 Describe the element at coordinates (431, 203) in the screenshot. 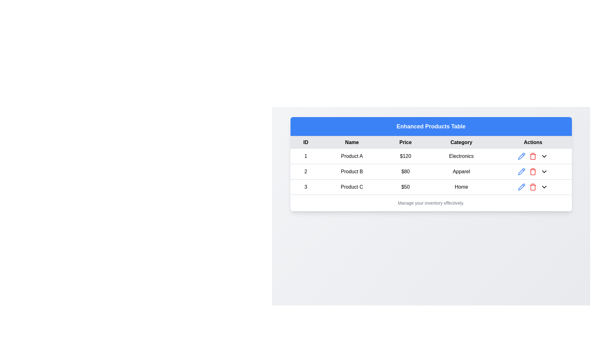

I see `the informational text label that emphasizes the purpose of managing inventory effectively, located directly below the product information table` at that location.